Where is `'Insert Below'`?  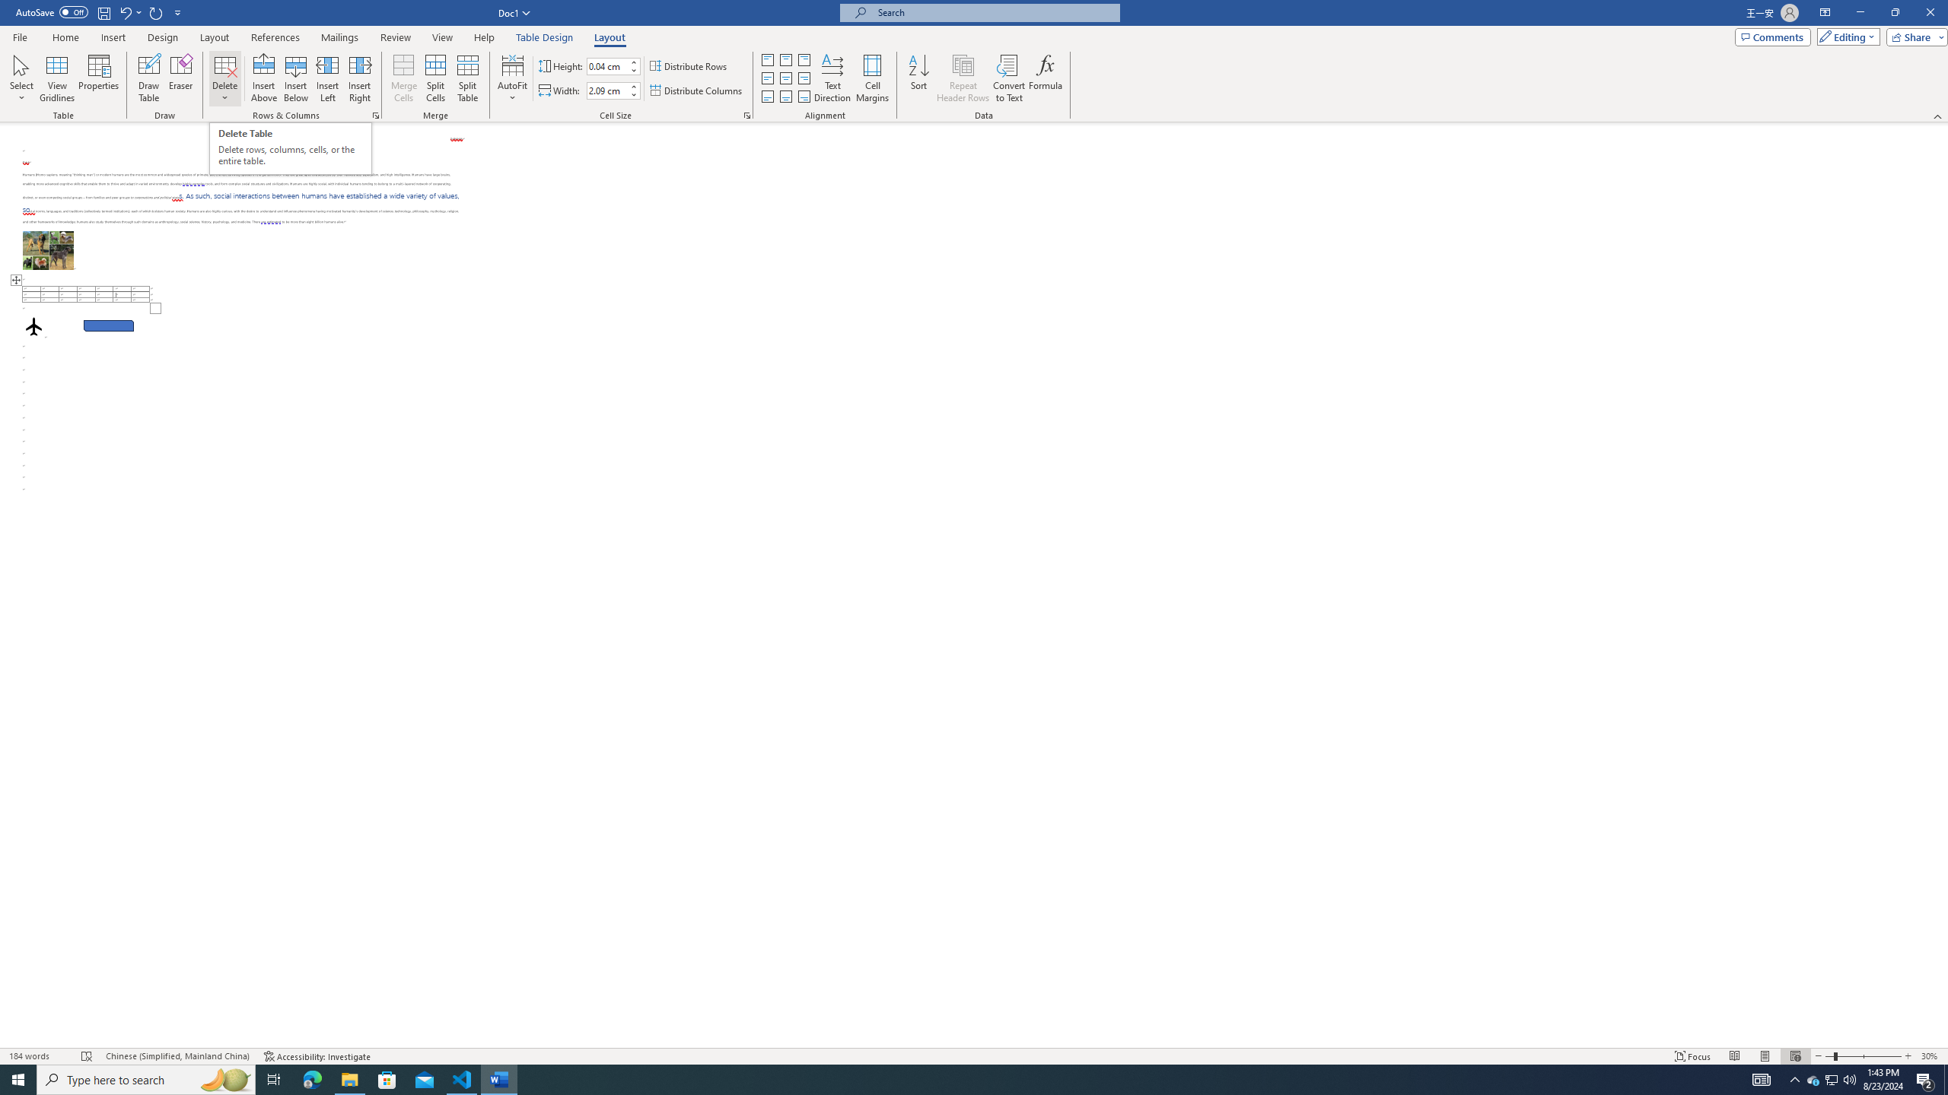 'Insert Below' is located at coordinates (295, 78).